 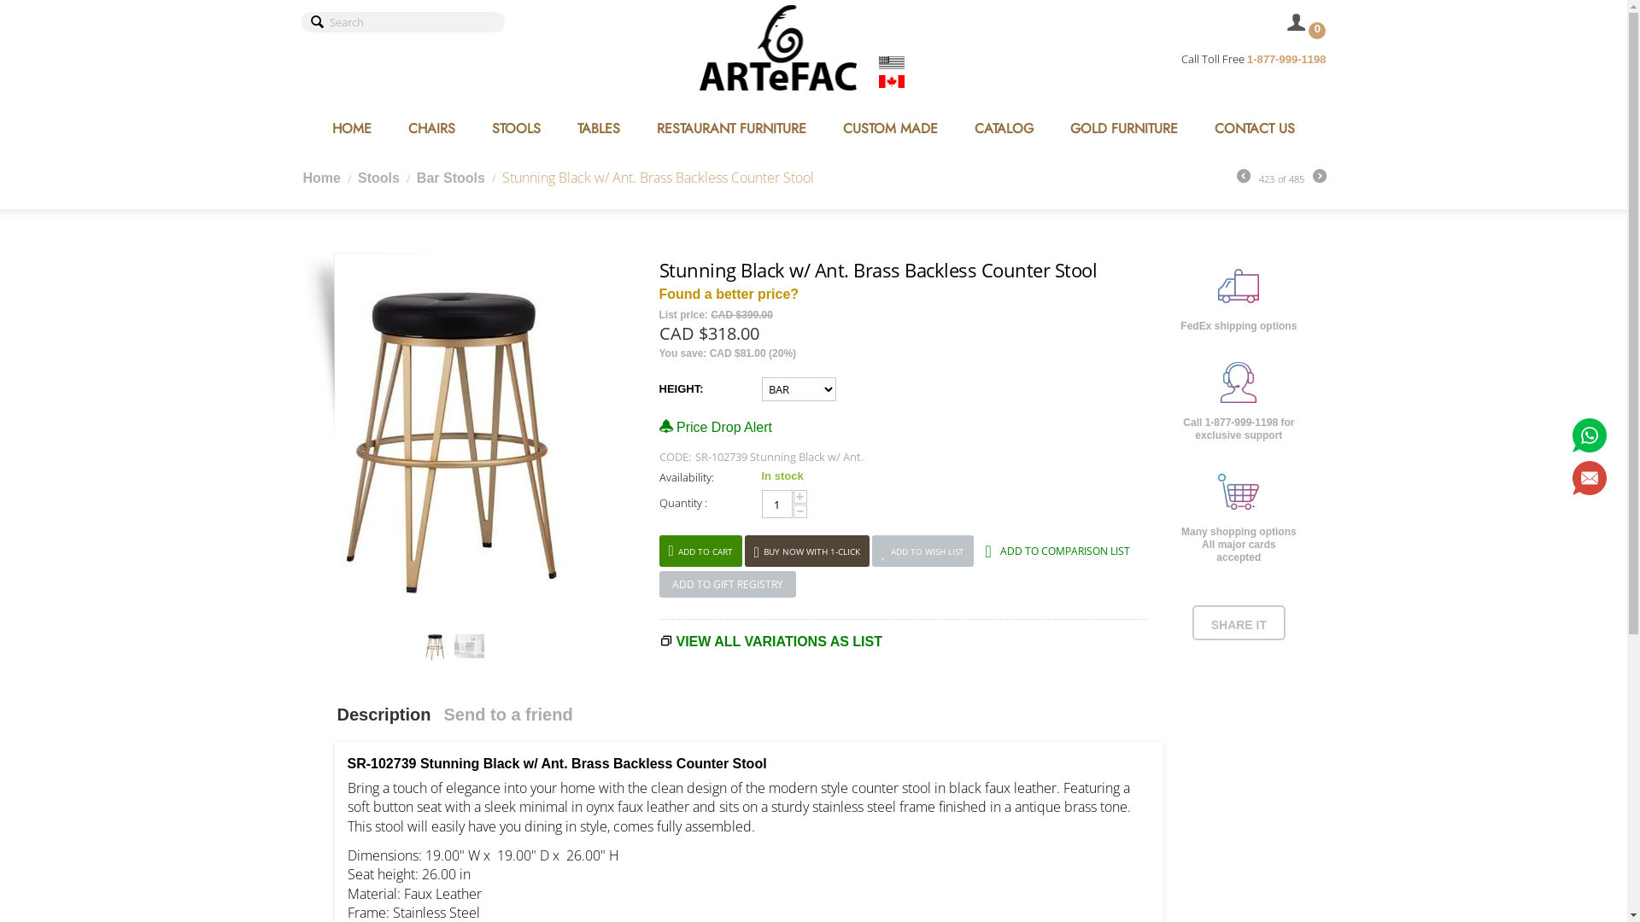 What do you see at coordinates (451, 178) in the screenshot?
I see `'Bar Stools'` at bounding box center [451, 178].